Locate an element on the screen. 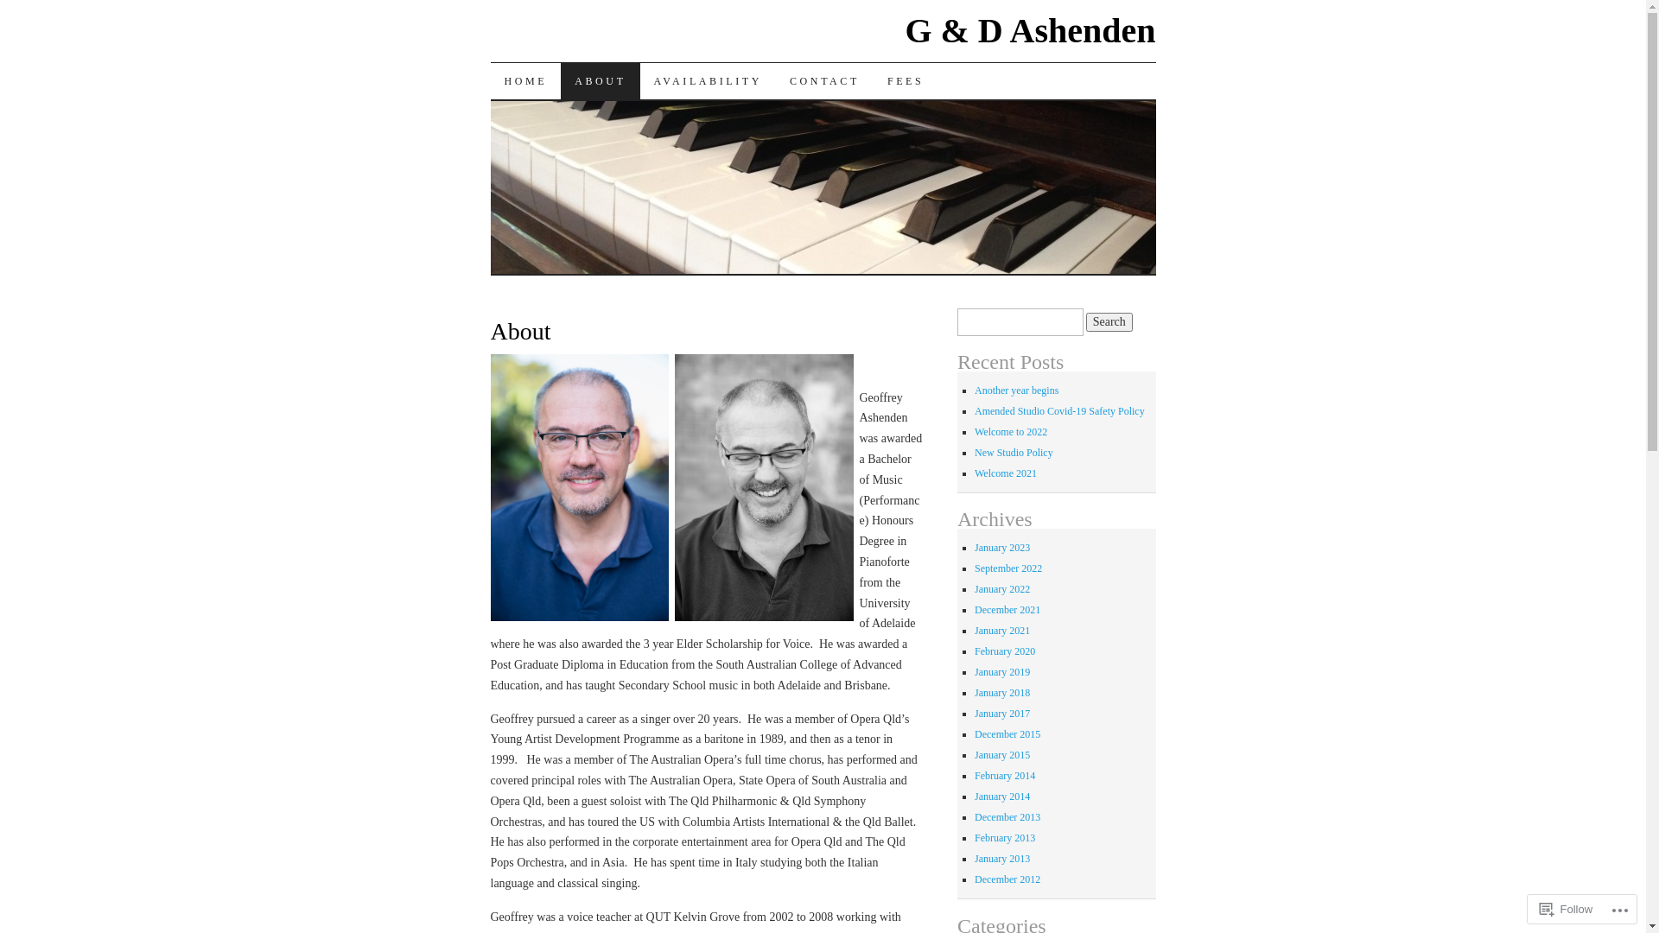 The width and height of the screenshot is (1659, 933). 'AVAILABILITY' is located at coordinates (708, 80).